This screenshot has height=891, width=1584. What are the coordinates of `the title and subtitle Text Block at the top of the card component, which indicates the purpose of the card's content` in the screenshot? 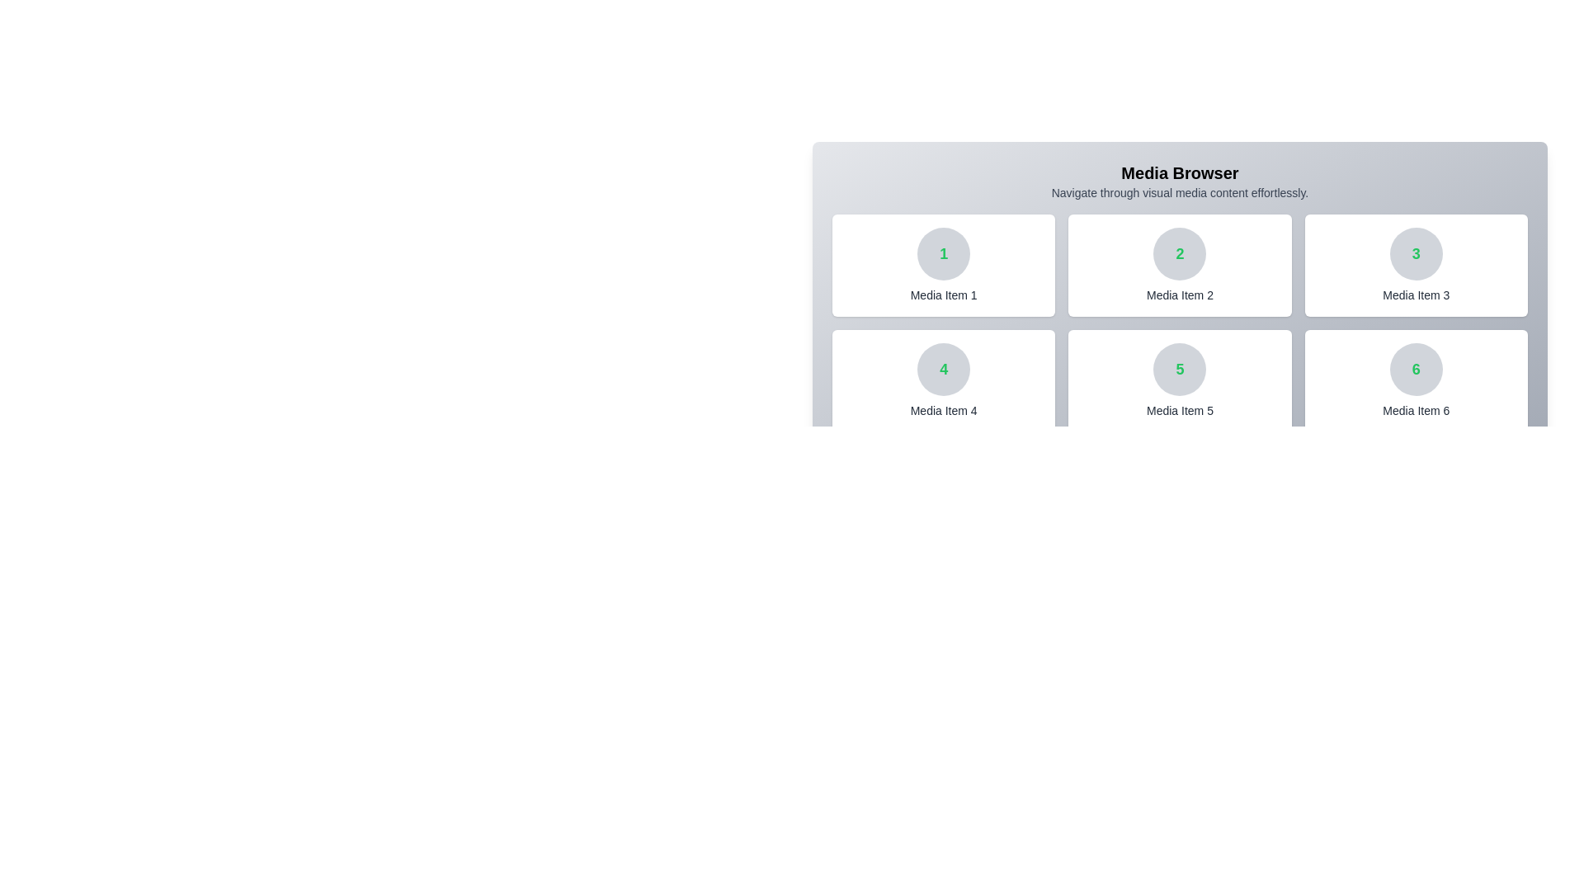 It's located at (1179, 181).